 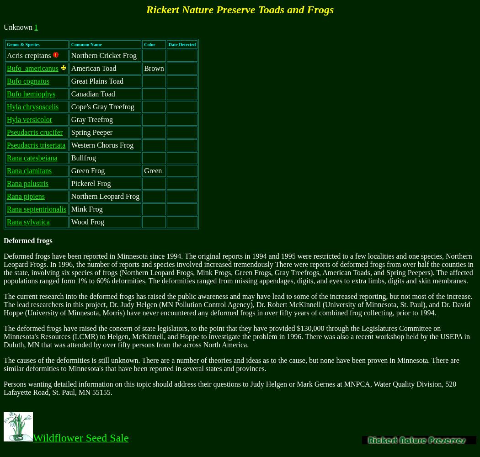 I want to click on 'Wildflower 
	Seed Sale', so click(x=80, y=437).